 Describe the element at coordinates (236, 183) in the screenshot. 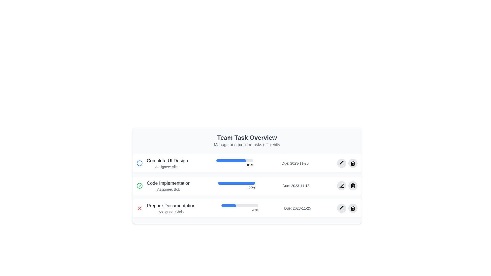

I see `the visual progress level of the horizontal progress bar for the task 'Code Implementation' in the task list, which is filled with blue and has a gray rounded background` at that location.